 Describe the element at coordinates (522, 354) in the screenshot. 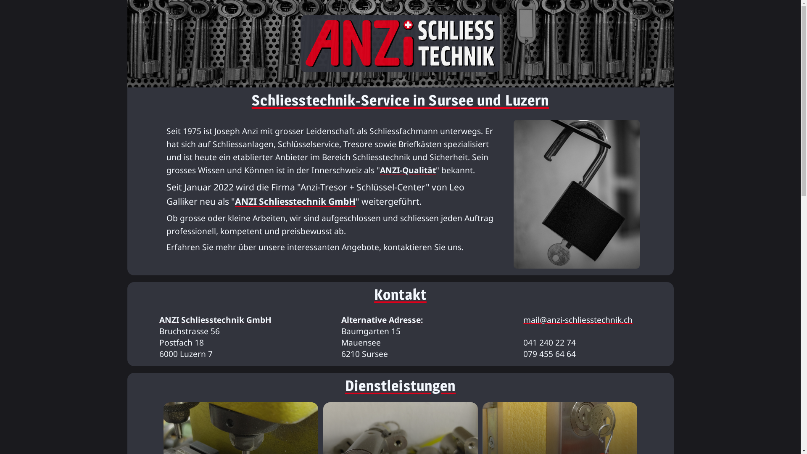

I see `'079 455 64 64'` at that location.